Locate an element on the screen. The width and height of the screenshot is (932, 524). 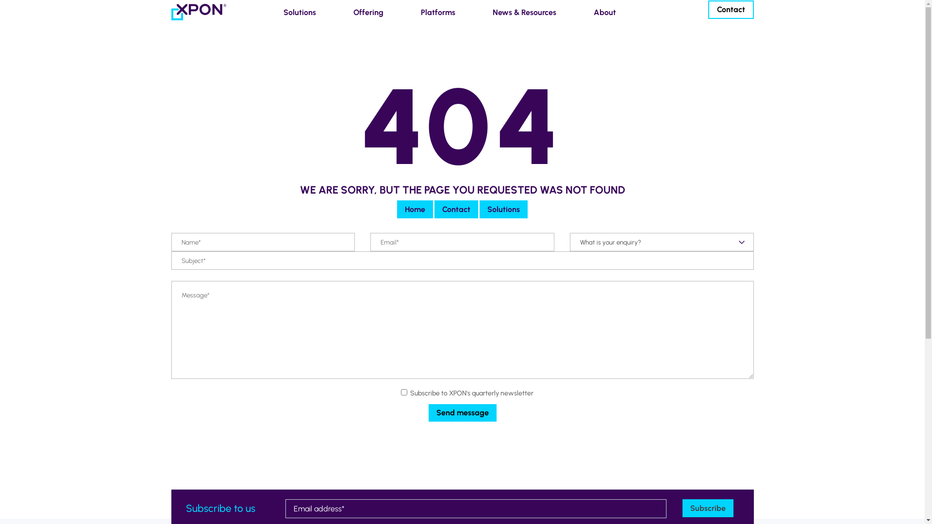
'Platforms' is located at coordinates (434, 12).